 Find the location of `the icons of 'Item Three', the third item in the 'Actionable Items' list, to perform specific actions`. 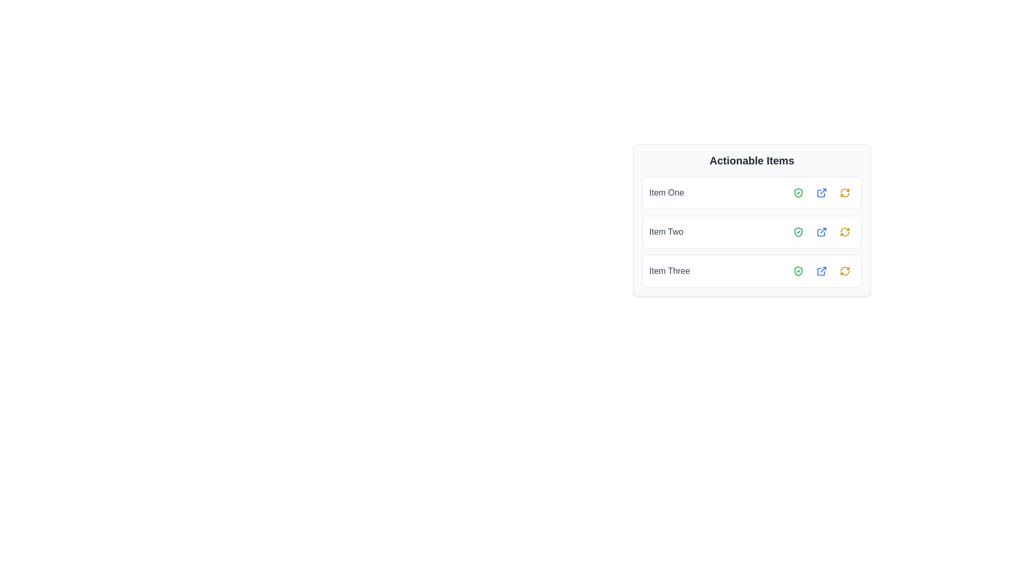

the icons of 'Item Three', the third item in the 'Actionable Items' list, to perform specific actions is located at coordinates (751, 271).